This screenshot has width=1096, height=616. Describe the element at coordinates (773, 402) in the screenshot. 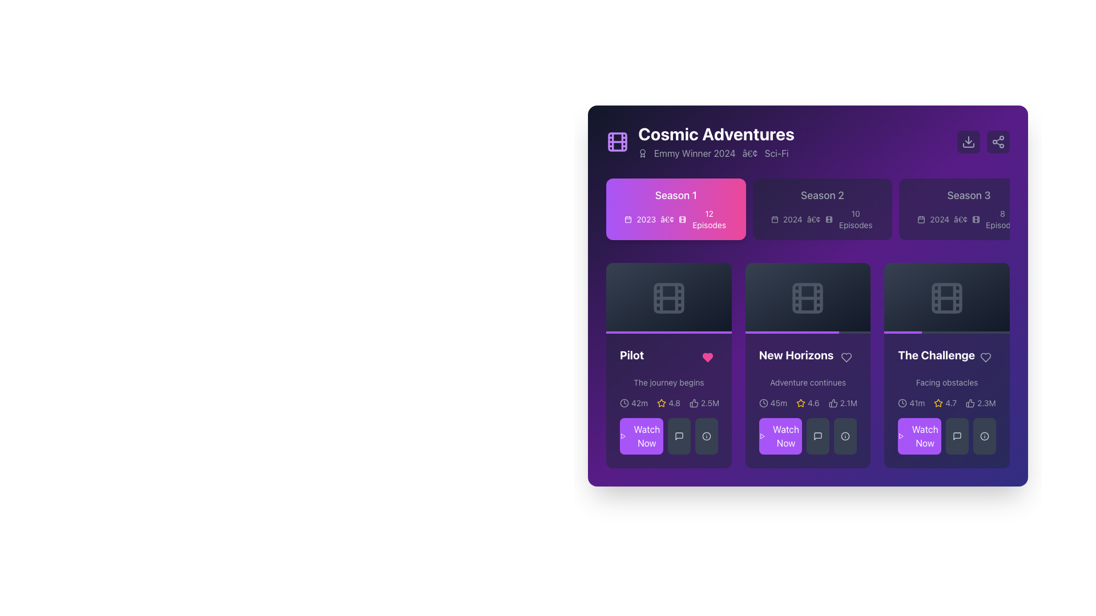

I see `text content of the Duration indicator displaying '45m' with a clock icon, located in the middle card of the 'New Horizons' row` at that location.